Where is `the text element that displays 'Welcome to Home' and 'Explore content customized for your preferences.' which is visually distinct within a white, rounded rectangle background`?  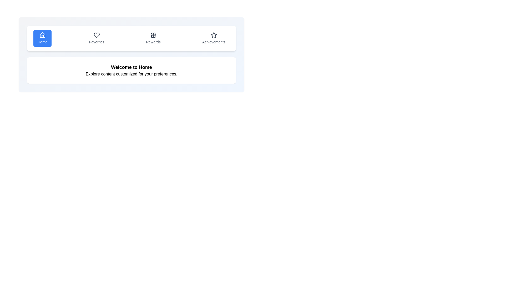 the text element that displays 'Welcome to Home' and 'Explore content customized for your preferences.' which is visually distinct within a white, rounded rectangle background is located at coordinates (131, 70).